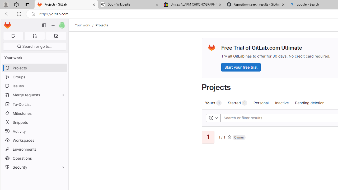  Describe the element at coordinates (13, 36) in the screenshot. I see `'Assigned issues 0'` at that location.